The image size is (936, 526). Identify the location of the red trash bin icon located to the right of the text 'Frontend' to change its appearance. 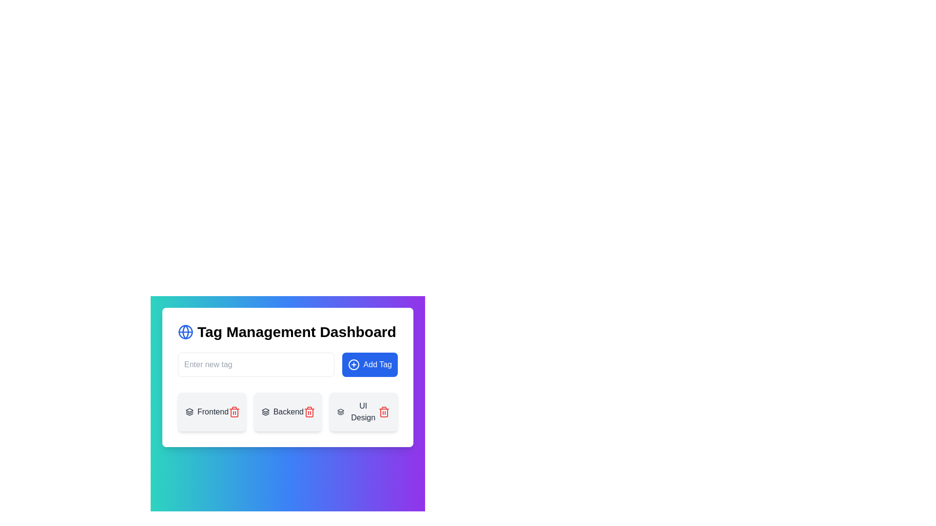
(234, 412).